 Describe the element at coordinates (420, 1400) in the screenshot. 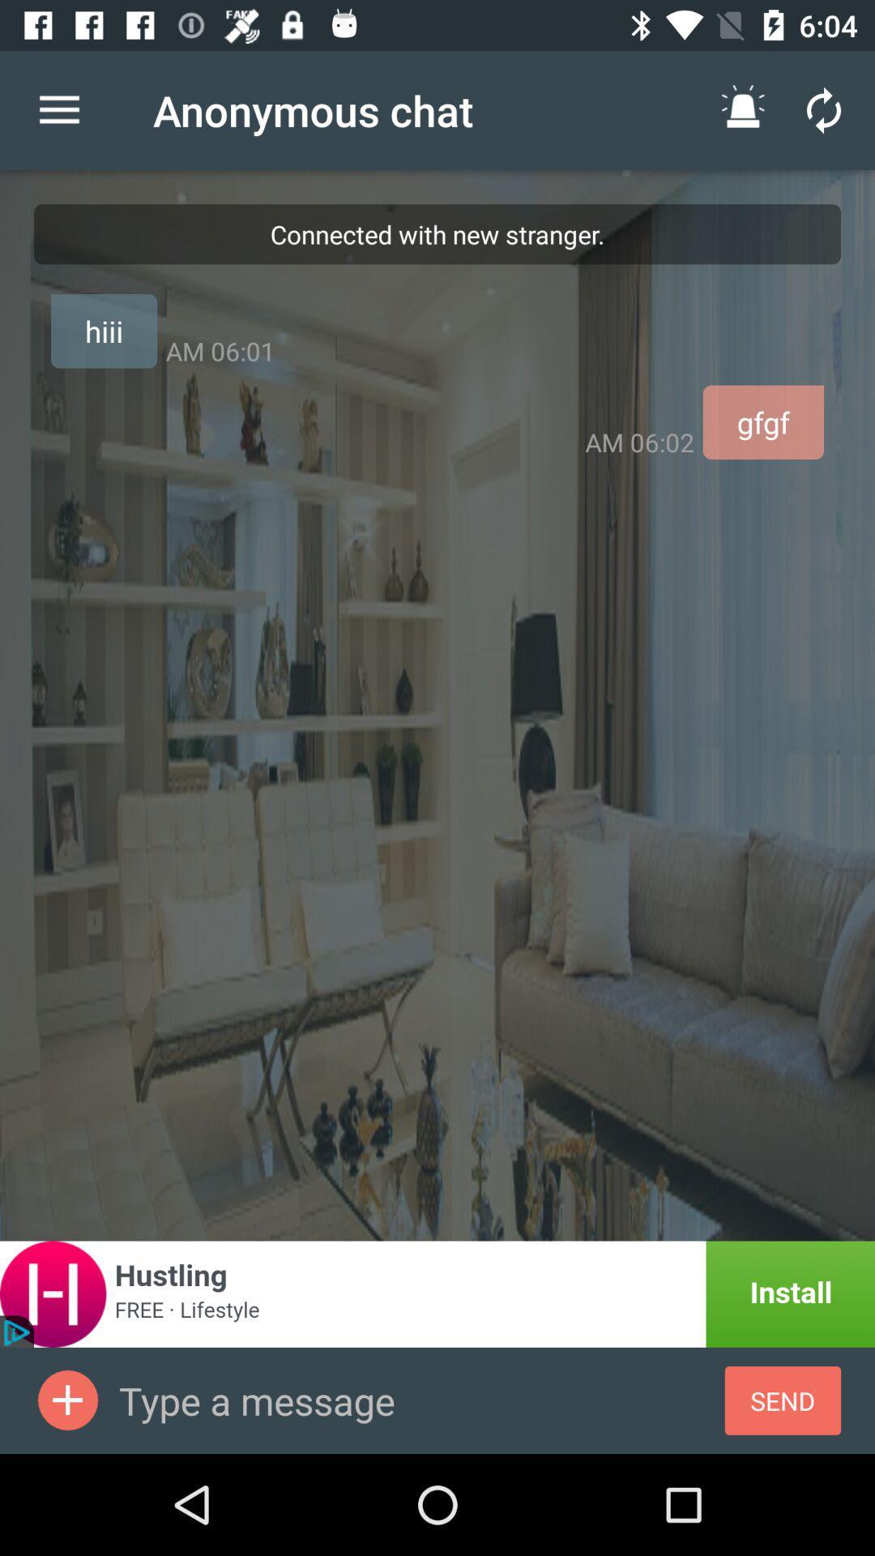

I see `type message` at that location.